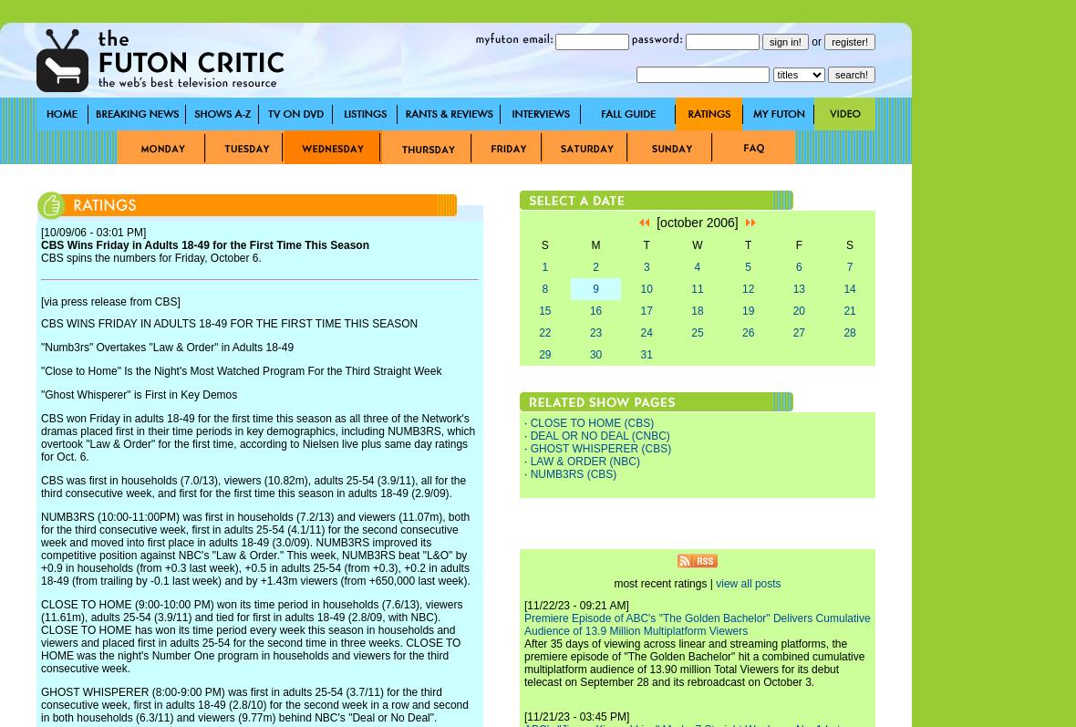 The height and width of the screenshot is (727, 1076). Describe the element at coordinates (39, 258) in the screenshot. I see `'CBS spins the numbers for Friday, October 6.'` at that location.